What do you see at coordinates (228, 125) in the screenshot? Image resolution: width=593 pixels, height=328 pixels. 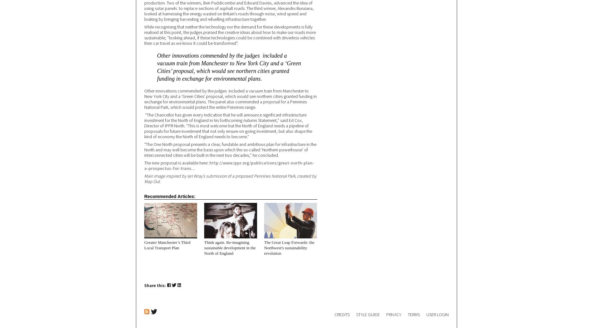 I see `'“The Chancellor has given every indication that he will announce significant infrastructure investment for the North of England in his forthcoming Autumn Statement,” said Ed Cox, Director of IPPR North. “This is most welcome but the North of England needs a pipeline of proposals for future investment that not only ensure on-going investment, but also shape the kind of economy the North of England needs to become.”'` at bounding box center [228, 125].